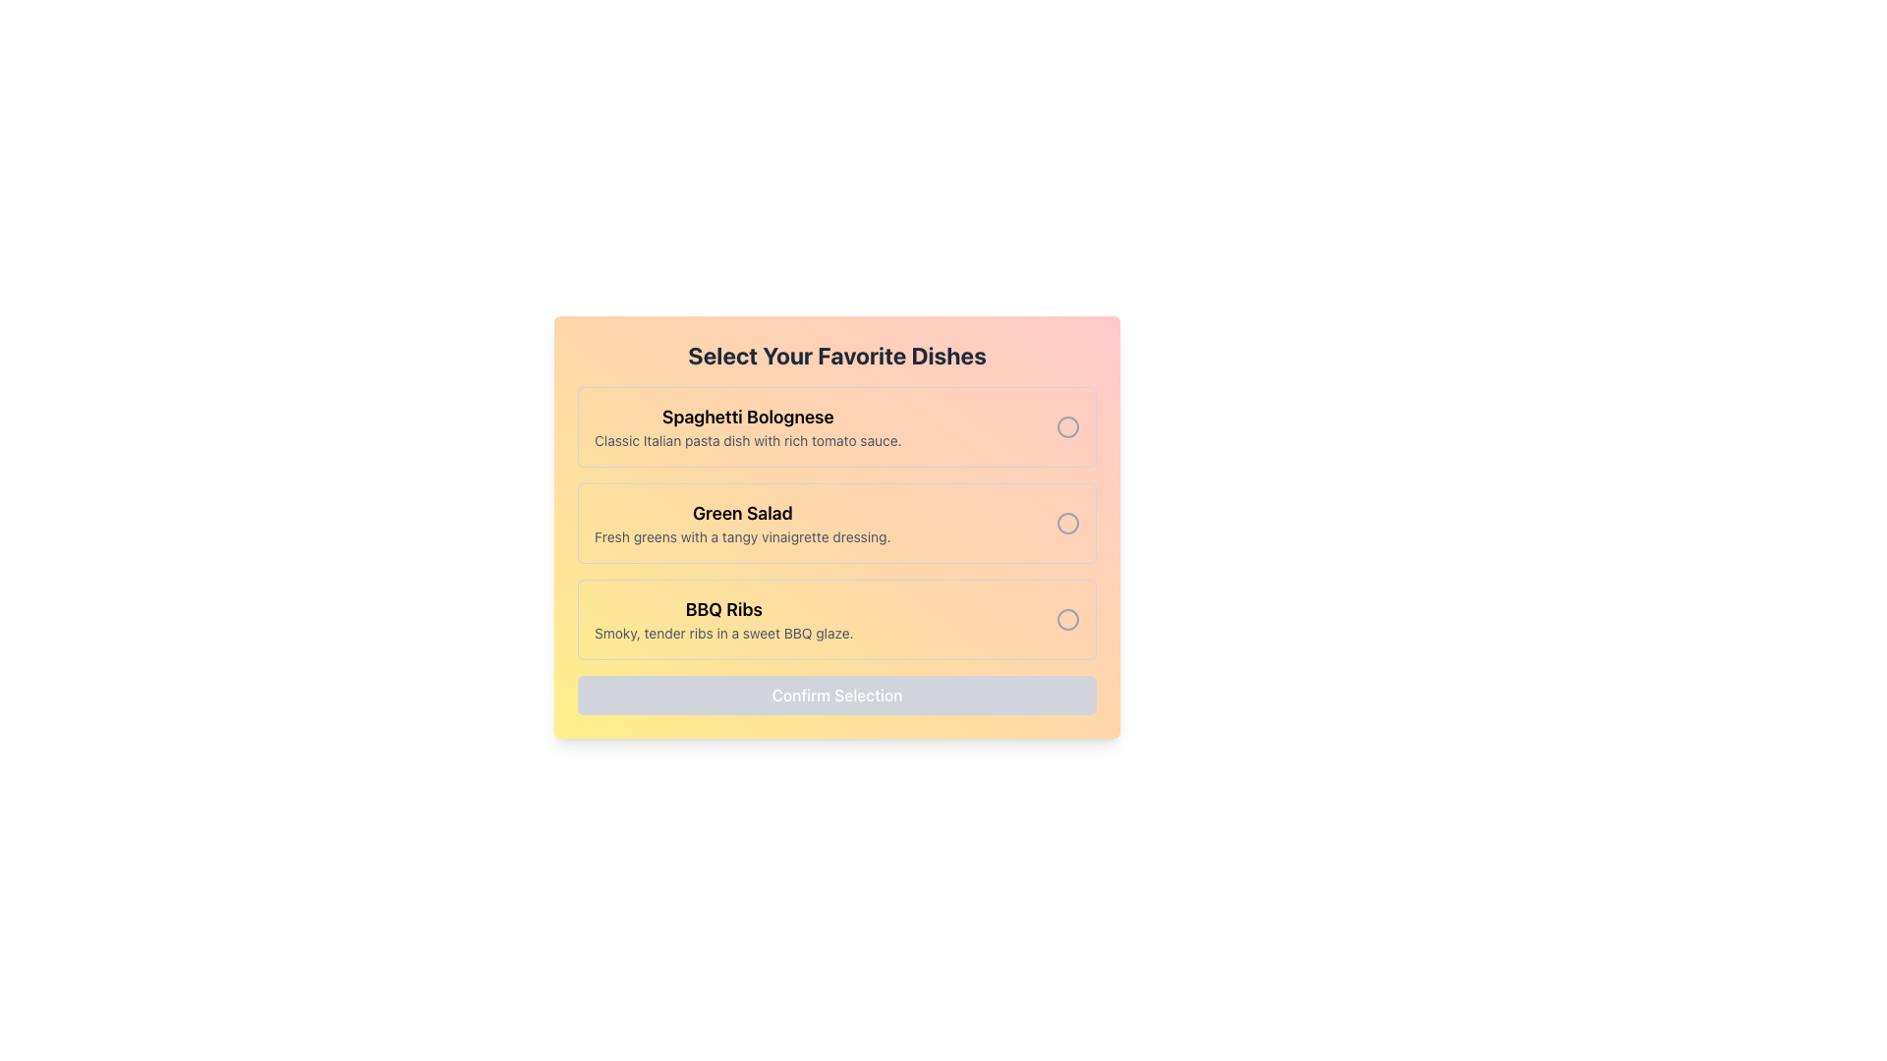  Describe the element at coordinates (741, 522) in the screenshot. I see `the informational Text display for 'Green Salad' located in the middle section of the vertical list, positioned between 'Spaghetti Bolognese' and 'BBQ Ribs', with a circular icon on the right side` at that location.